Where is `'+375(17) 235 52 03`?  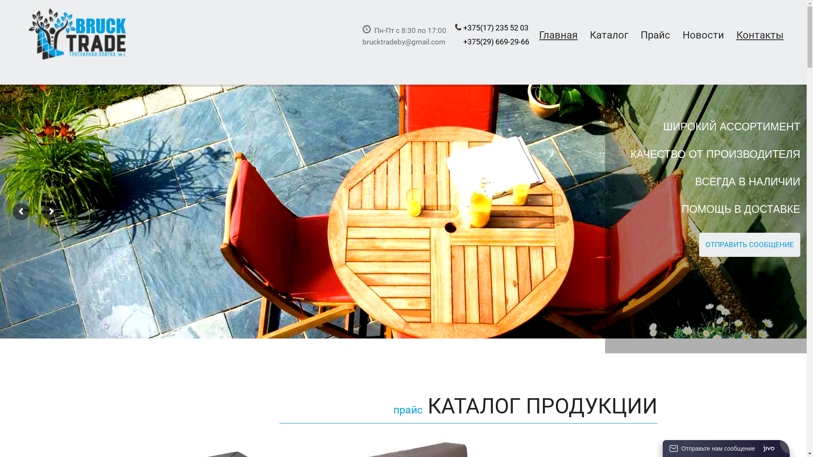
'+375(17) 235 52 03 is located at coordinates (450, 42).